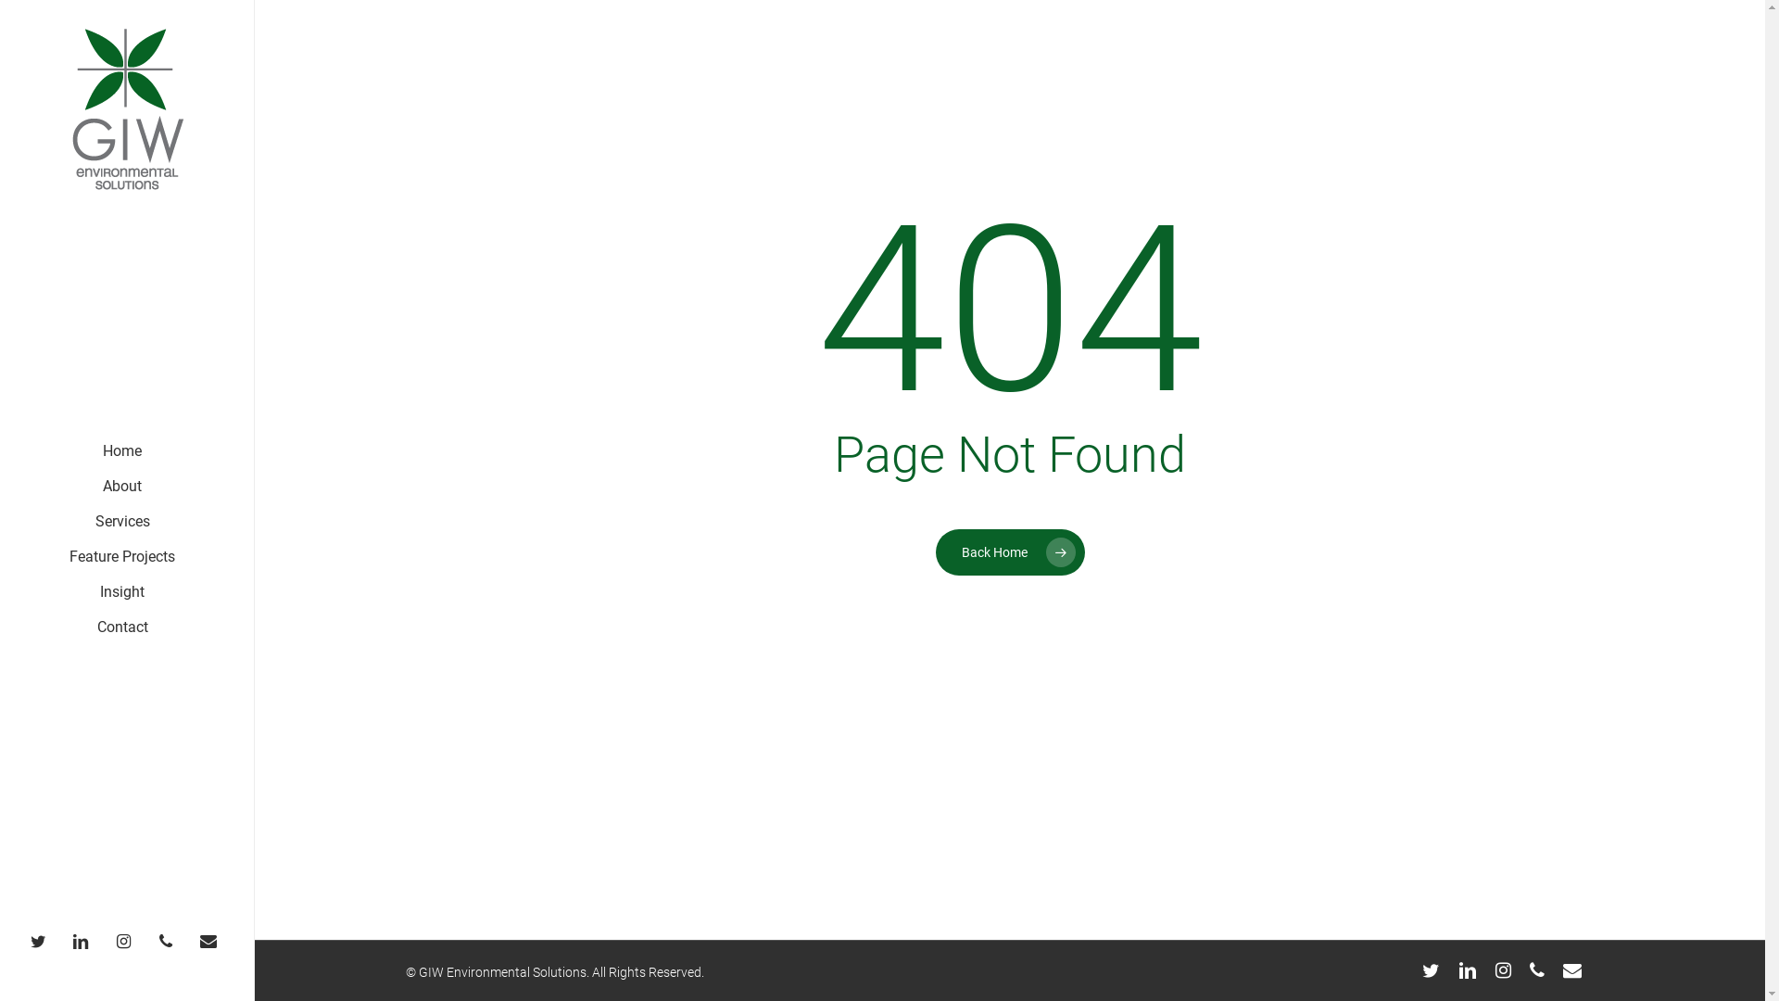  Describe the element at coordinates (121, 485) in the screenshot. I see `'About'` at that location.